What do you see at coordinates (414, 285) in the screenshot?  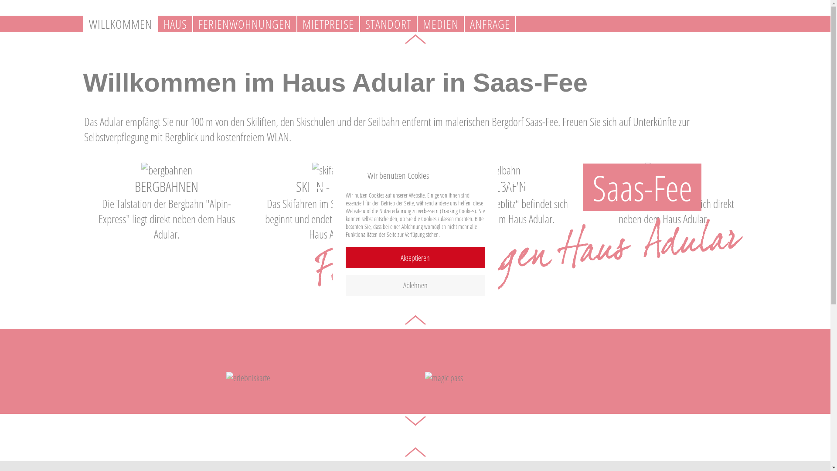 I see `'Ablehnen'` at bounding box center [414, 285].